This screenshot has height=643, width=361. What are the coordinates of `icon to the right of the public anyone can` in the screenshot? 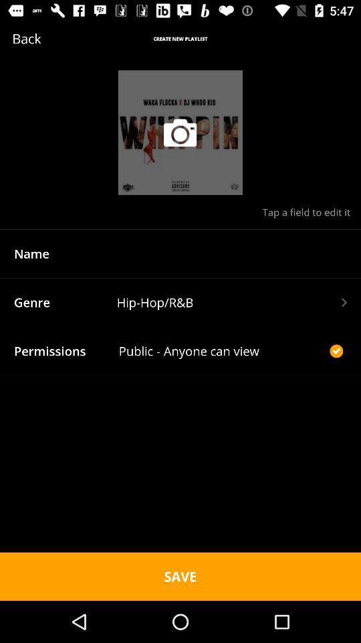 It's located at (336, 350).